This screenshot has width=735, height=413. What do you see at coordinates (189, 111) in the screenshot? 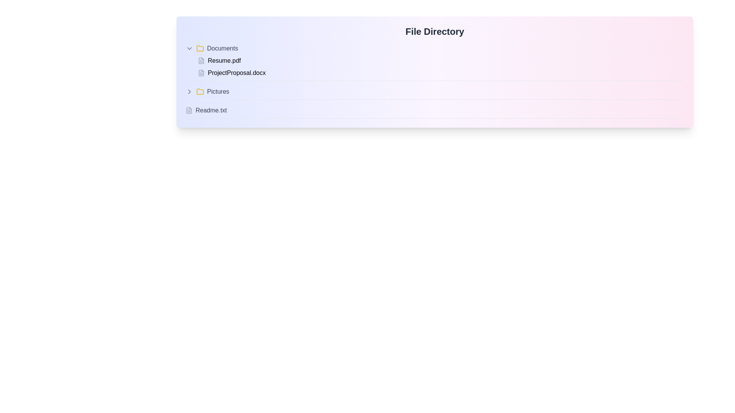
I see `the file icon for 'Readme.txt' located under the 'Pictures' folder in the file directory display` at bounding box center [189, 111].